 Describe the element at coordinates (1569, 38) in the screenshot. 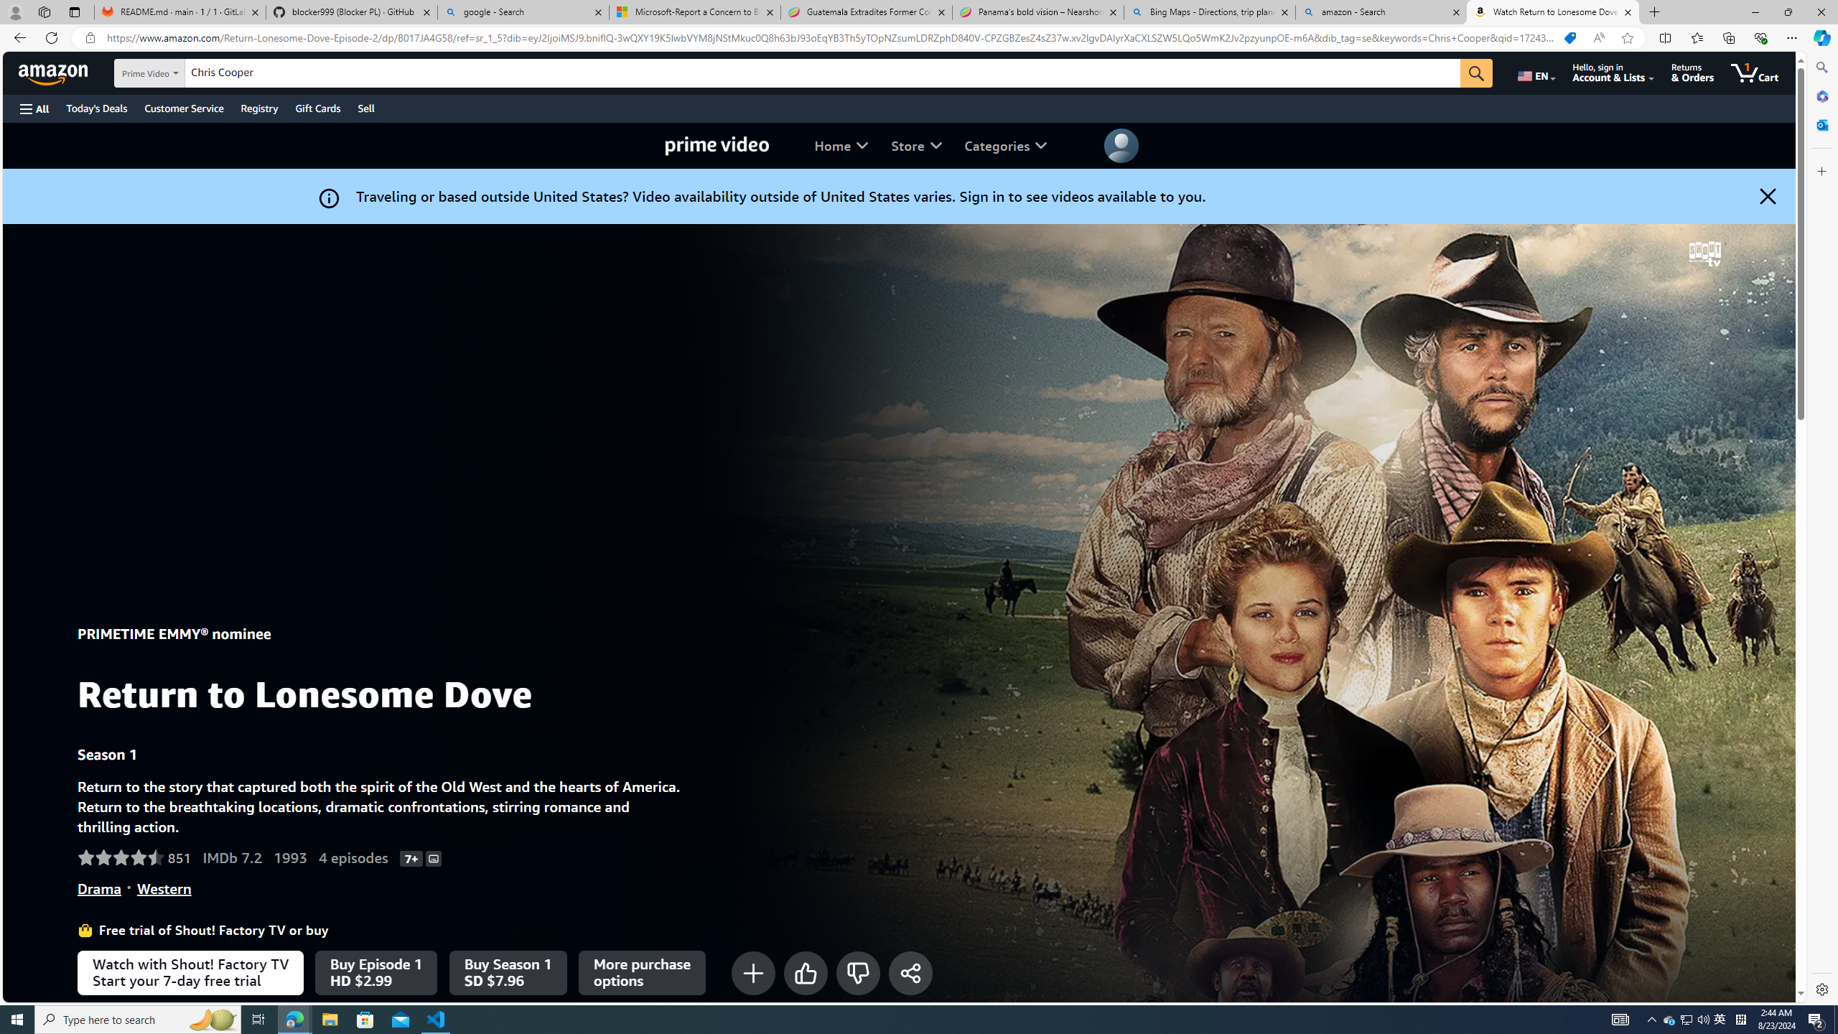

I see `'Shopping in Microsoft Edge'` at that location.